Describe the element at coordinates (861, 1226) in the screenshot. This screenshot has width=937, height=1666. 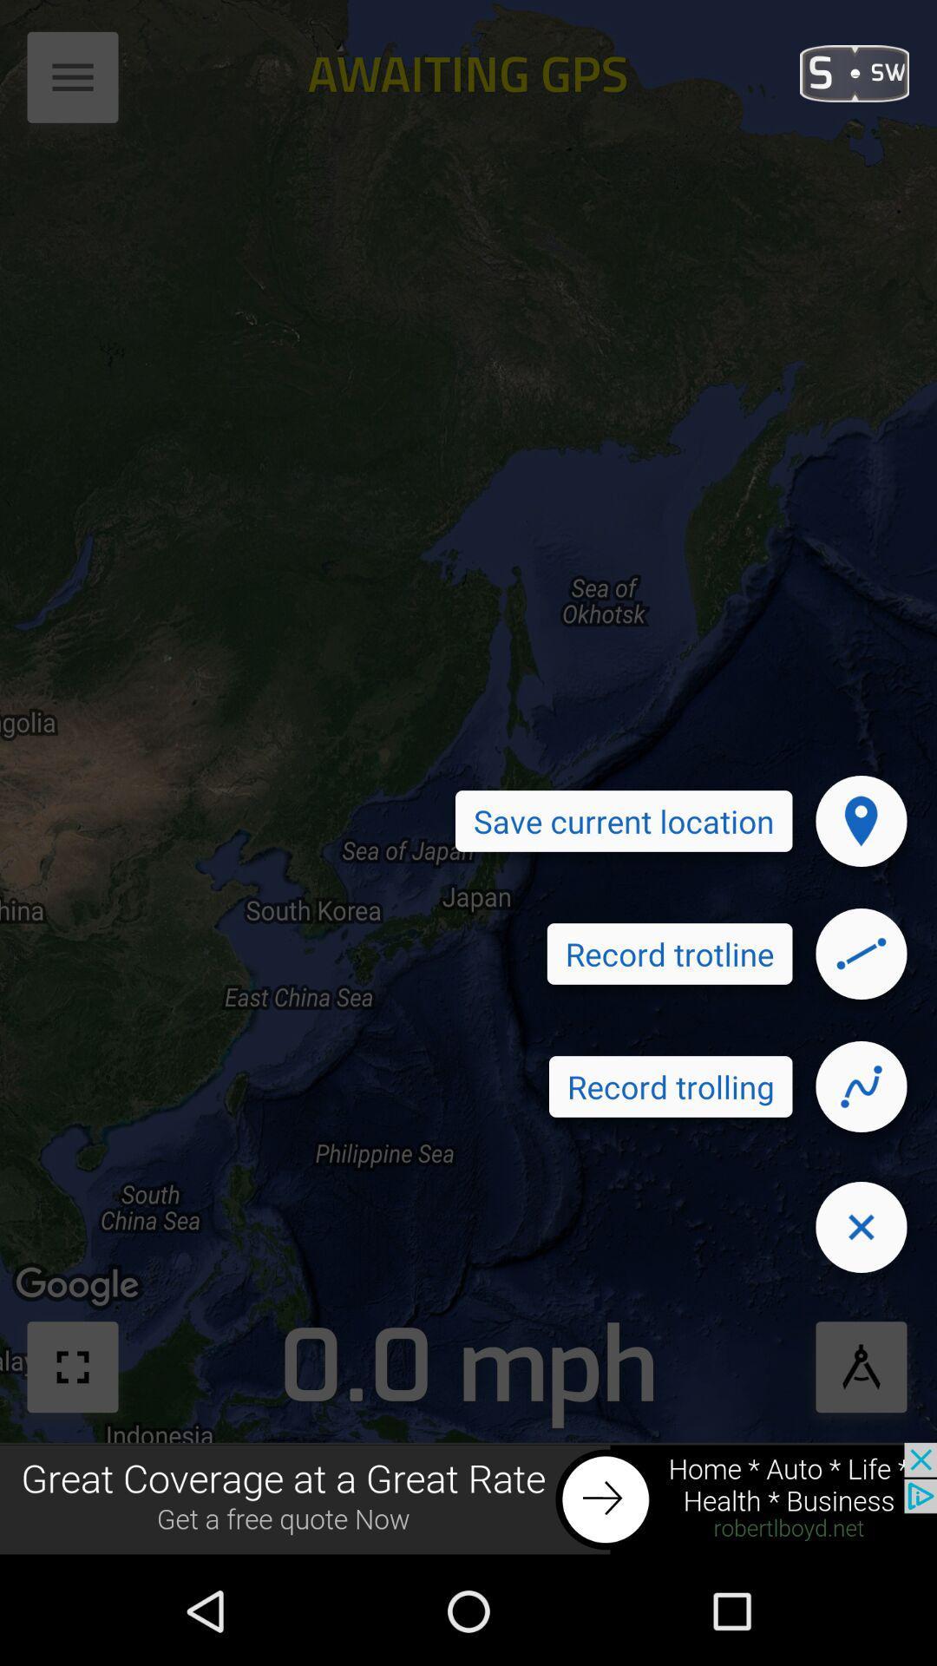
I see `close` at that location.